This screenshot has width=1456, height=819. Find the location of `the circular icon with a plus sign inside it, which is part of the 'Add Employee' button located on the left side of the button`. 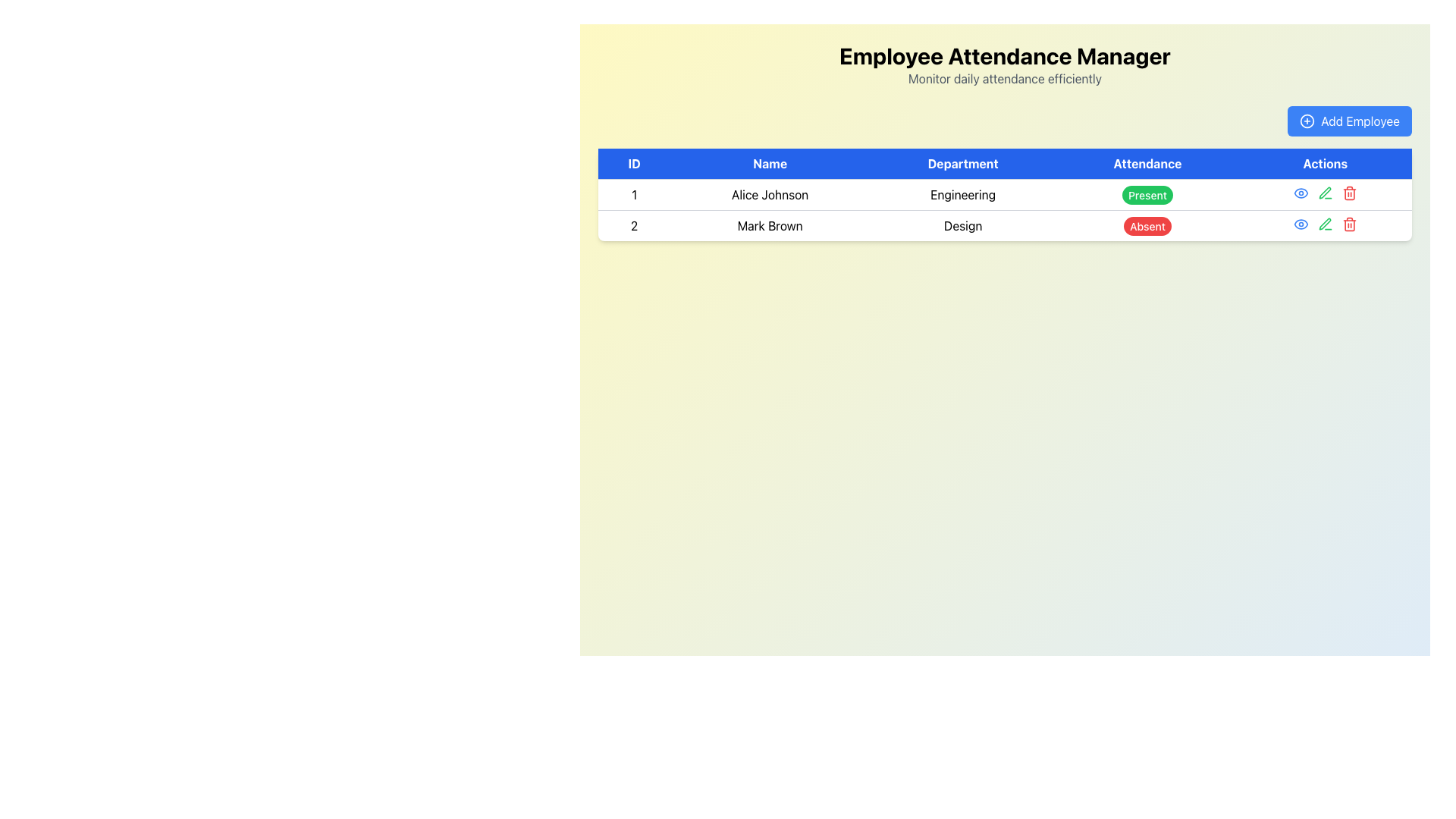

the circular icon with a plus sign inside it, which is part of the 'Add Employee' button located on the left side of the button is located at coordinates (1307, 120).